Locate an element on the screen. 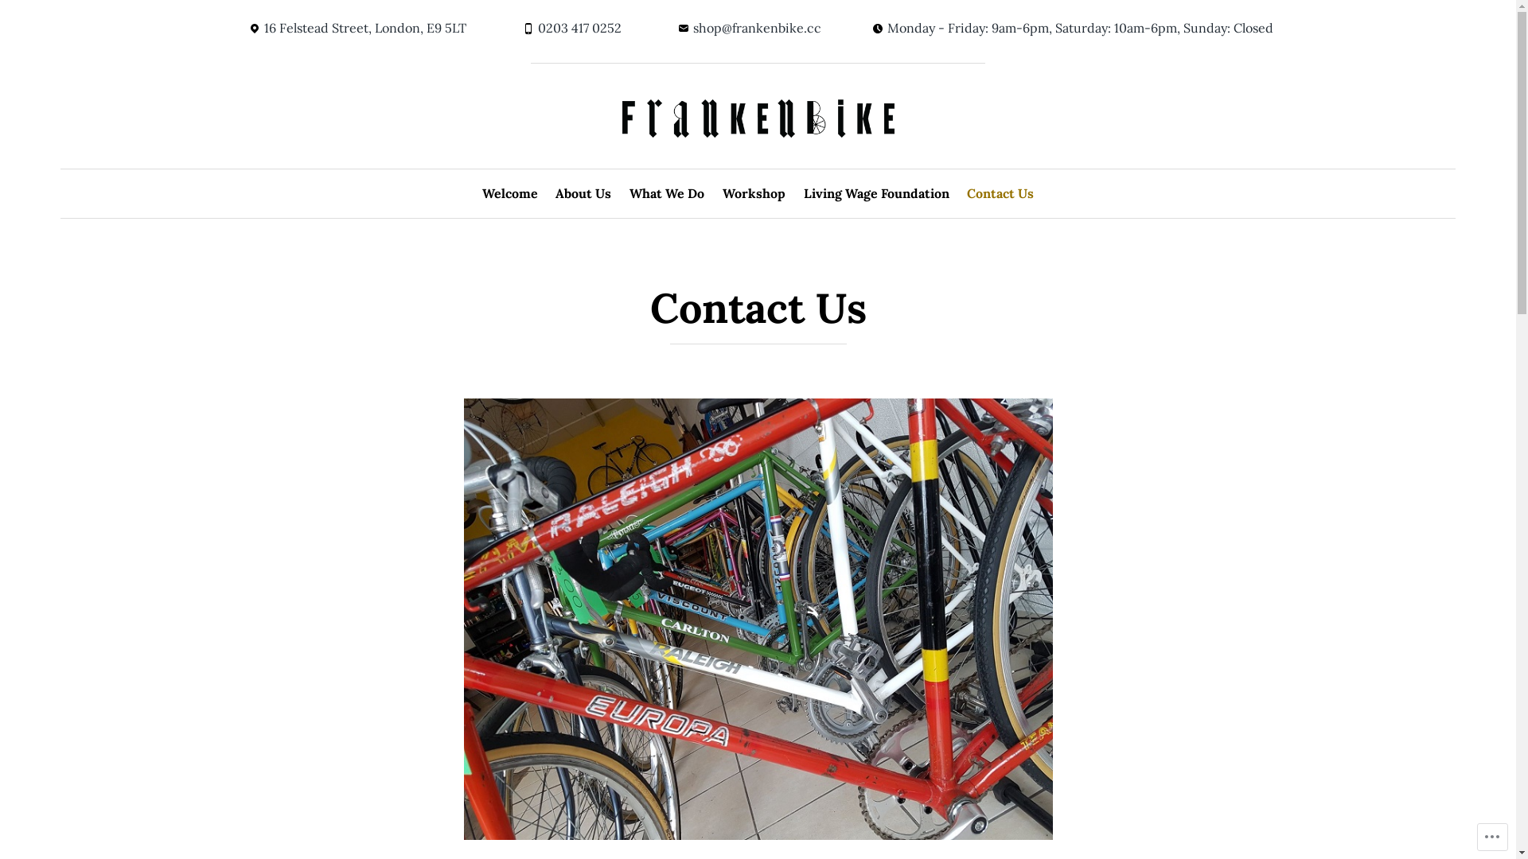 This screenshot has height=859, width=1528. 'What We Do' is located at coordinates (667, 192).